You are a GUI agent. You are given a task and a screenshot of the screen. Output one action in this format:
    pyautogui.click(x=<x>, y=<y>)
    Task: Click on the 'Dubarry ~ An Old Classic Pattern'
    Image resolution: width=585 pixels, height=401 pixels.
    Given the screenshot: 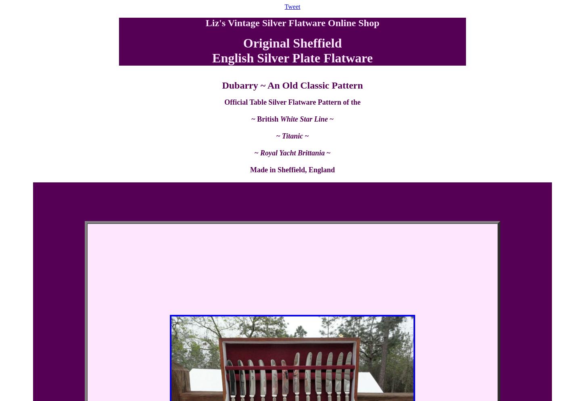 What is the action you would take?
    pyautogui.click(x=292, y=85)
    